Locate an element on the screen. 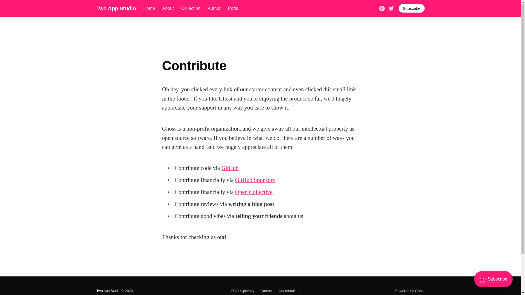  'Author' is located at coordinates (214, 8).